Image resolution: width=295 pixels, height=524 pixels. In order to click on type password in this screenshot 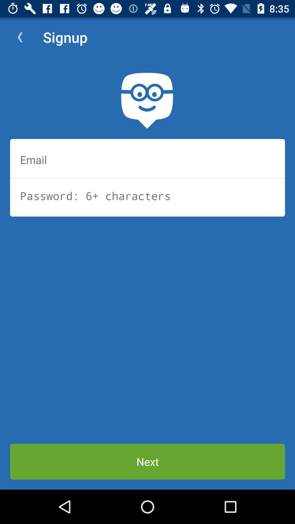, I will do `click(147, 196)`.